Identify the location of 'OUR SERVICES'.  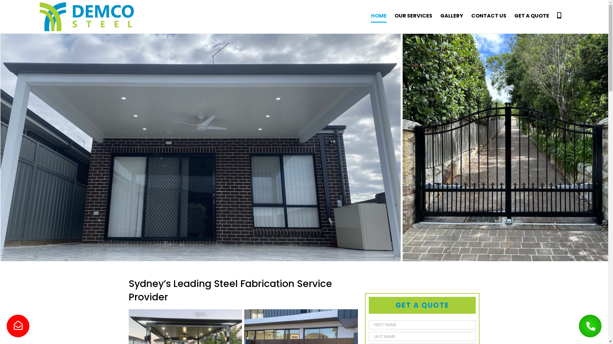
(394, 16).